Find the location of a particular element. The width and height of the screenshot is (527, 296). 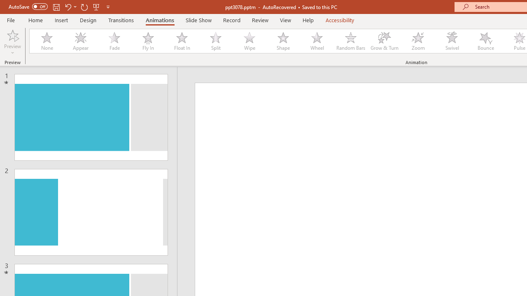

'None' is located at coordinates (46, 41).